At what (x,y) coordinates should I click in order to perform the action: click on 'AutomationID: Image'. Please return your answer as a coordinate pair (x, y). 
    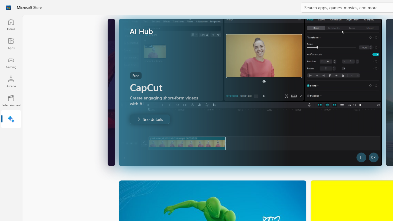
    Looking at the image, I should click on (257, 92).